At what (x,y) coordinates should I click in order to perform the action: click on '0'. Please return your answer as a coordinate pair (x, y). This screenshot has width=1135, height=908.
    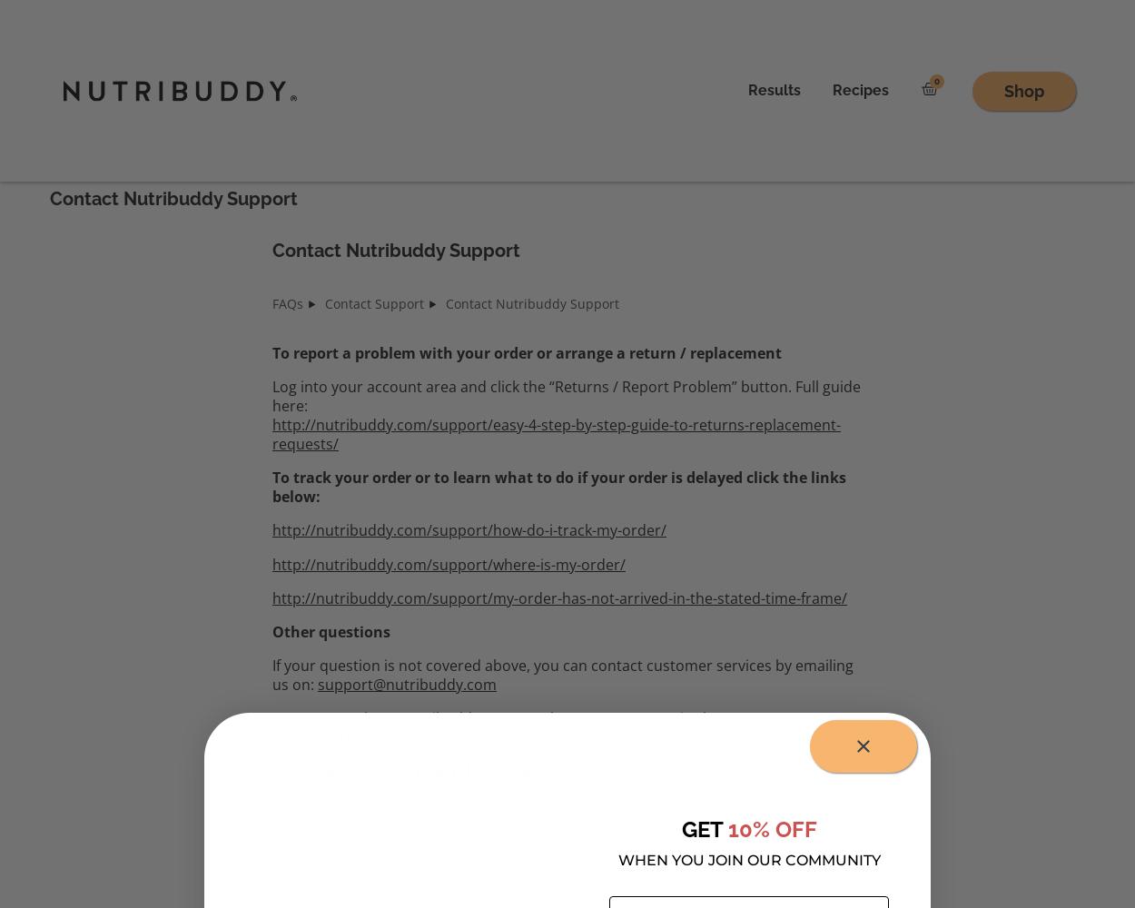
    Looking at the image, I should click on (937, 80).